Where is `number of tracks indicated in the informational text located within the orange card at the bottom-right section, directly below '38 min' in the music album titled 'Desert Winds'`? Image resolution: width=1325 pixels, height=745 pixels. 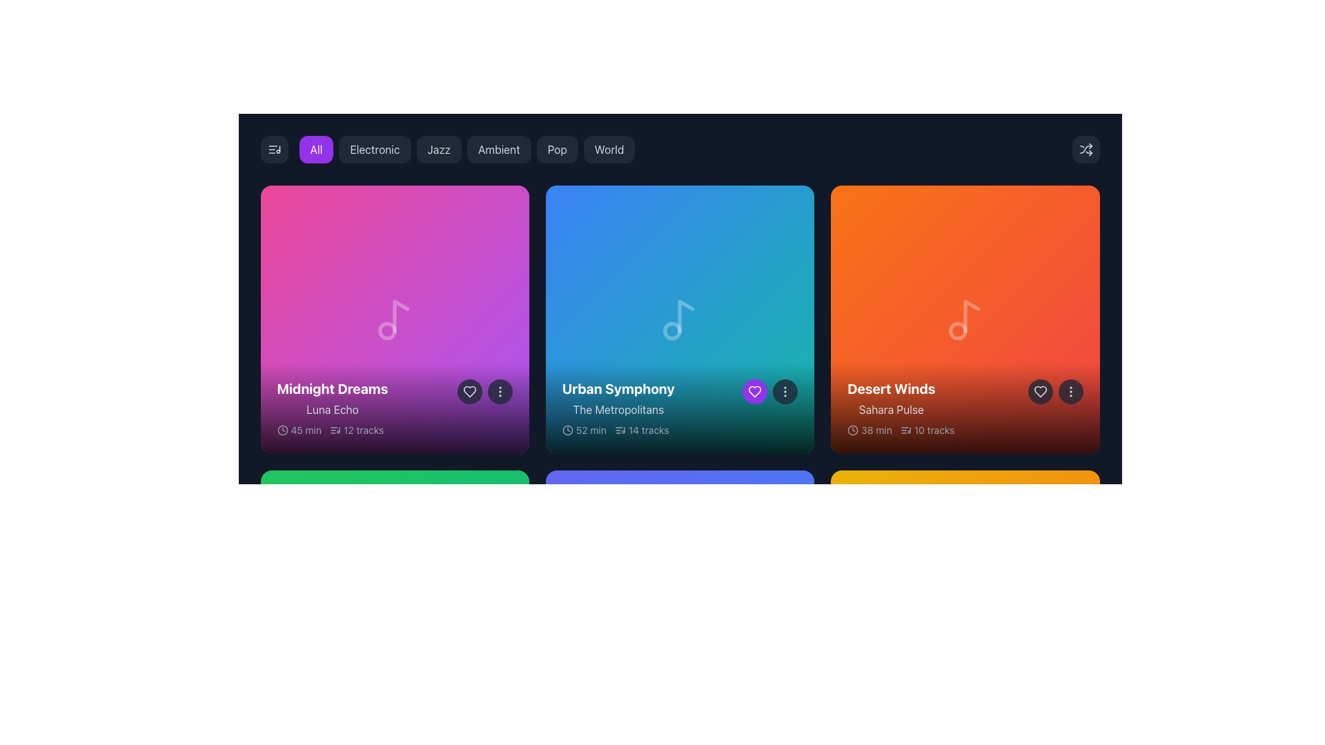 number of tracks indicated in the informational text located within the orange card at the bottom-right section, directly below '38 min' in the music album titled 'Desert Winds' is located at coordinates (927, 430).